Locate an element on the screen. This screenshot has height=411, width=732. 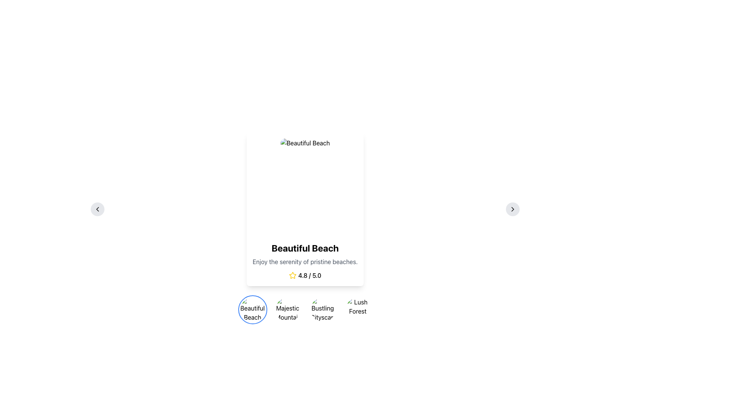
the static text element displaying the rating '4.8 / 5.0' located next to the yellow star icon beneath the title 'Beautiful Beach' is located at coordinates (310, 276).